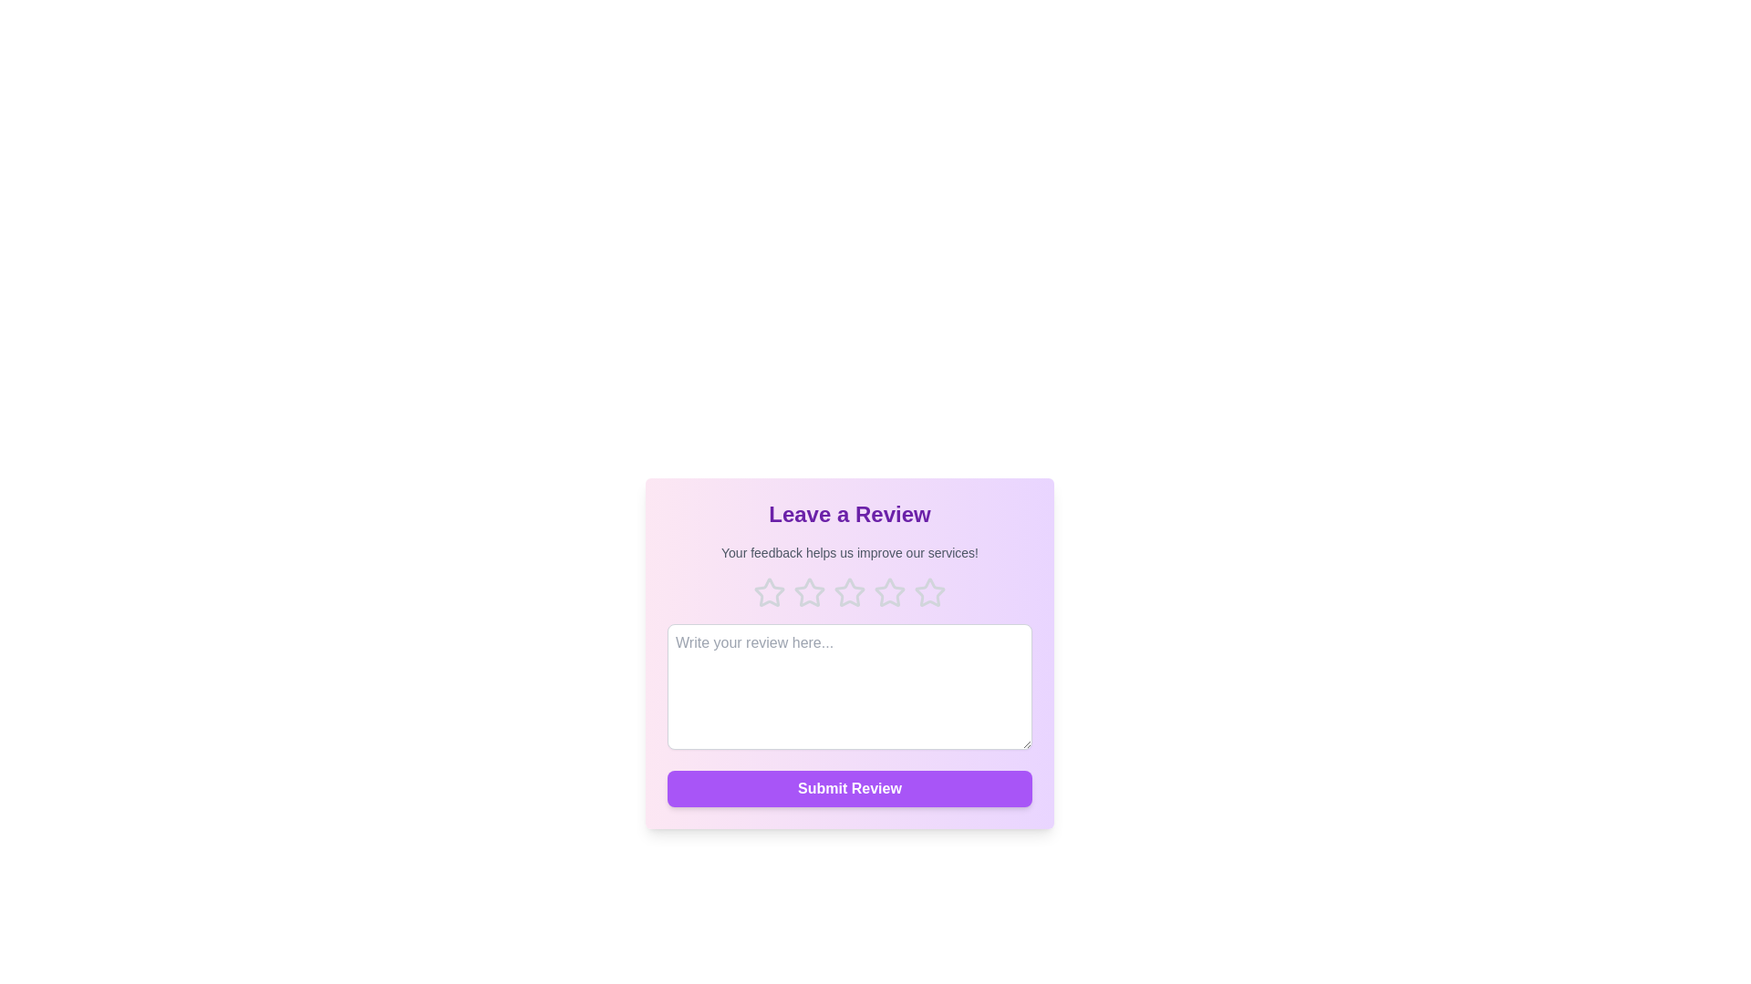 Image resolution: width=1751 pixels, height=984 pixels. Describe the element at coordinates (809, 593) in the screenshot. I see `the rating to 2 stars by clicking on the corresponding star` at that location.